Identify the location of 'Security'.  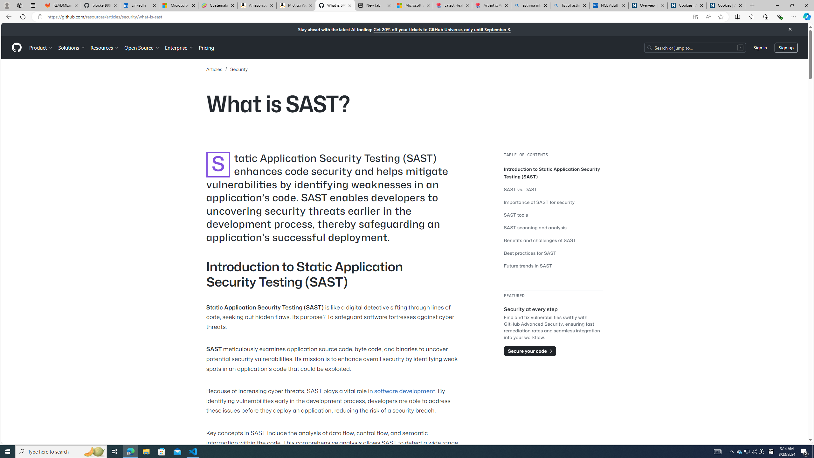
(238, 69).